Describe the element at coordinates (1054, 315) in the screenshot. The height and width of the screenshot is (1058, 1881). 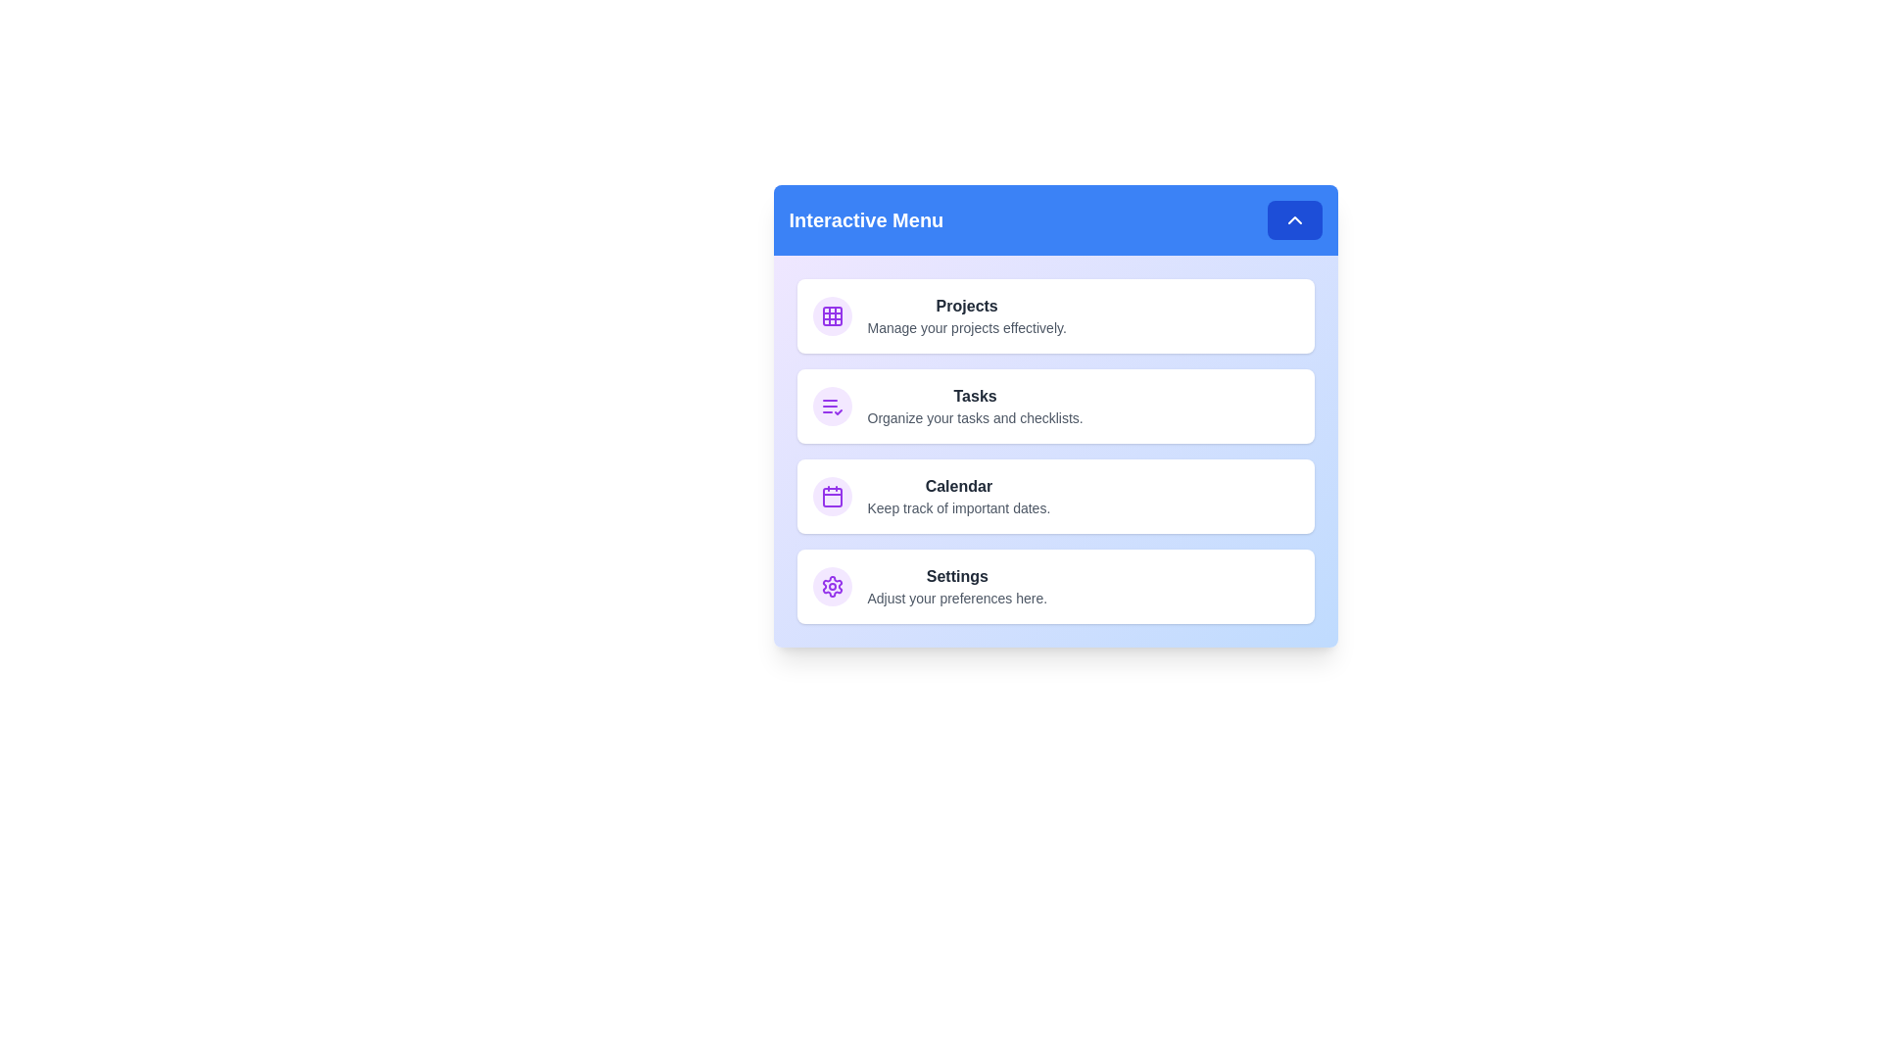
I see `the menu item corresponding to Projects` at that location.